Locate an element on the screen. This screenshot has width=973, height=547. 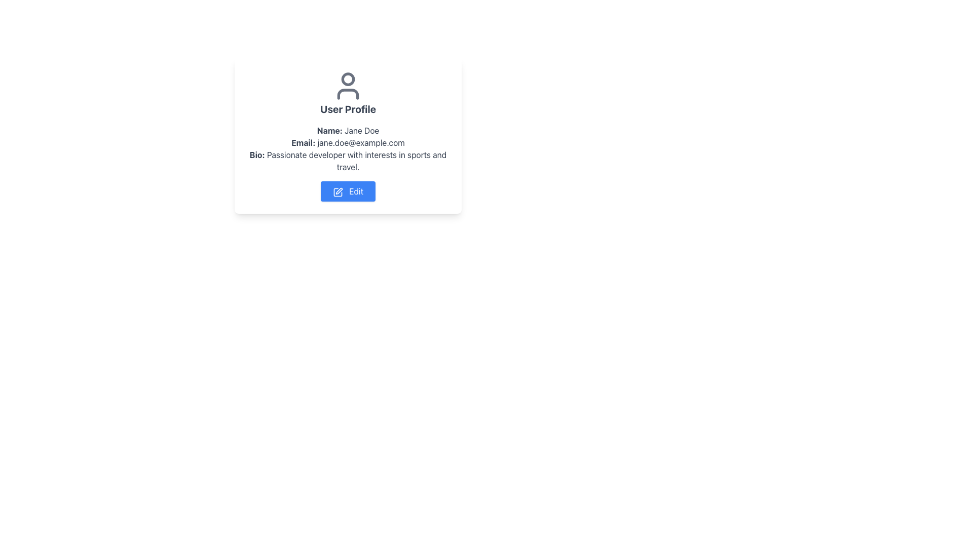
the 'Bio:' text label that introduces the biography section in the user profile information is located at coordinates (257, 154).